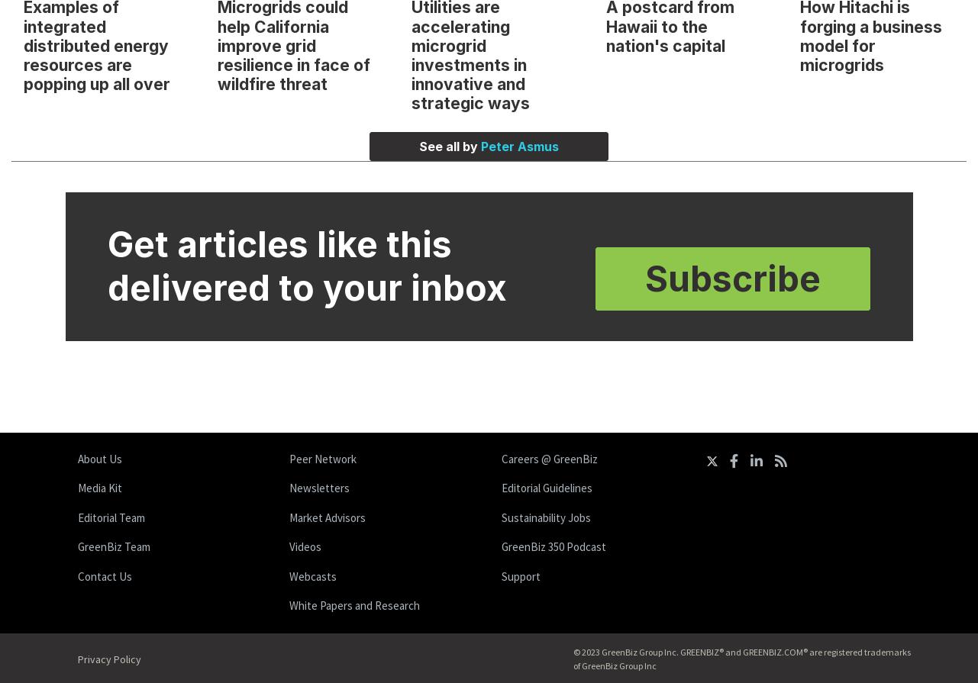 Image resolution: width=978 pixels, height=683 pixels. I want to click on 'GreenBiz Group Inc', so click(618, 664).